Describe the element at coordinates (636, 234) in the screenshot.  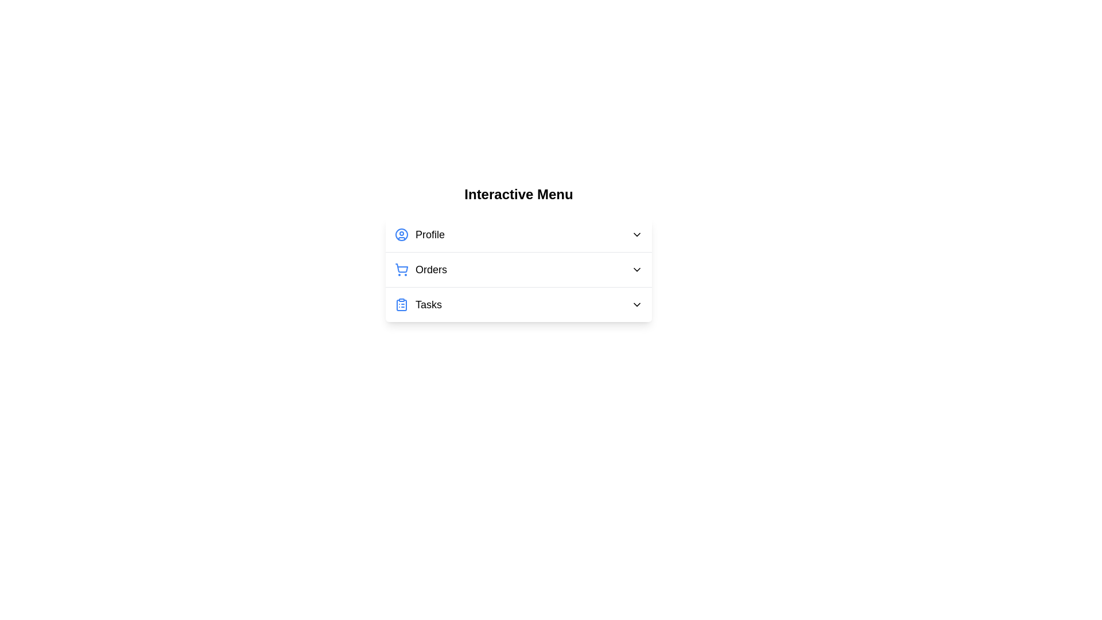
I see `the downward-pointing chevron icon located at the far-right end of the 'Profile' row` at that location.